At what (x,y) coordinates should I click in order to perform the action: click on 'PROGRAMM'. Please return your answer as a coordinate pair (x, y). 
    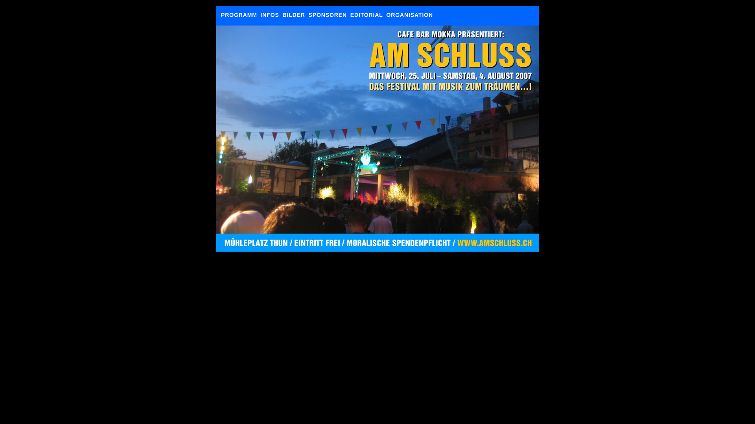
    Looking at the image, I should click on (239, 15).